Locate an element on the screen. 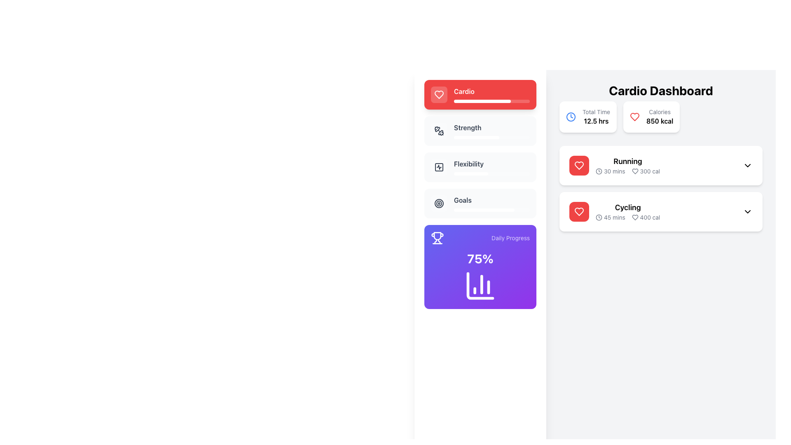 The height and width of the screenshot is (445, 791). the middle circular shape in the three-layered target-like design within the SVG graphic is located at coordinates (438, 203).